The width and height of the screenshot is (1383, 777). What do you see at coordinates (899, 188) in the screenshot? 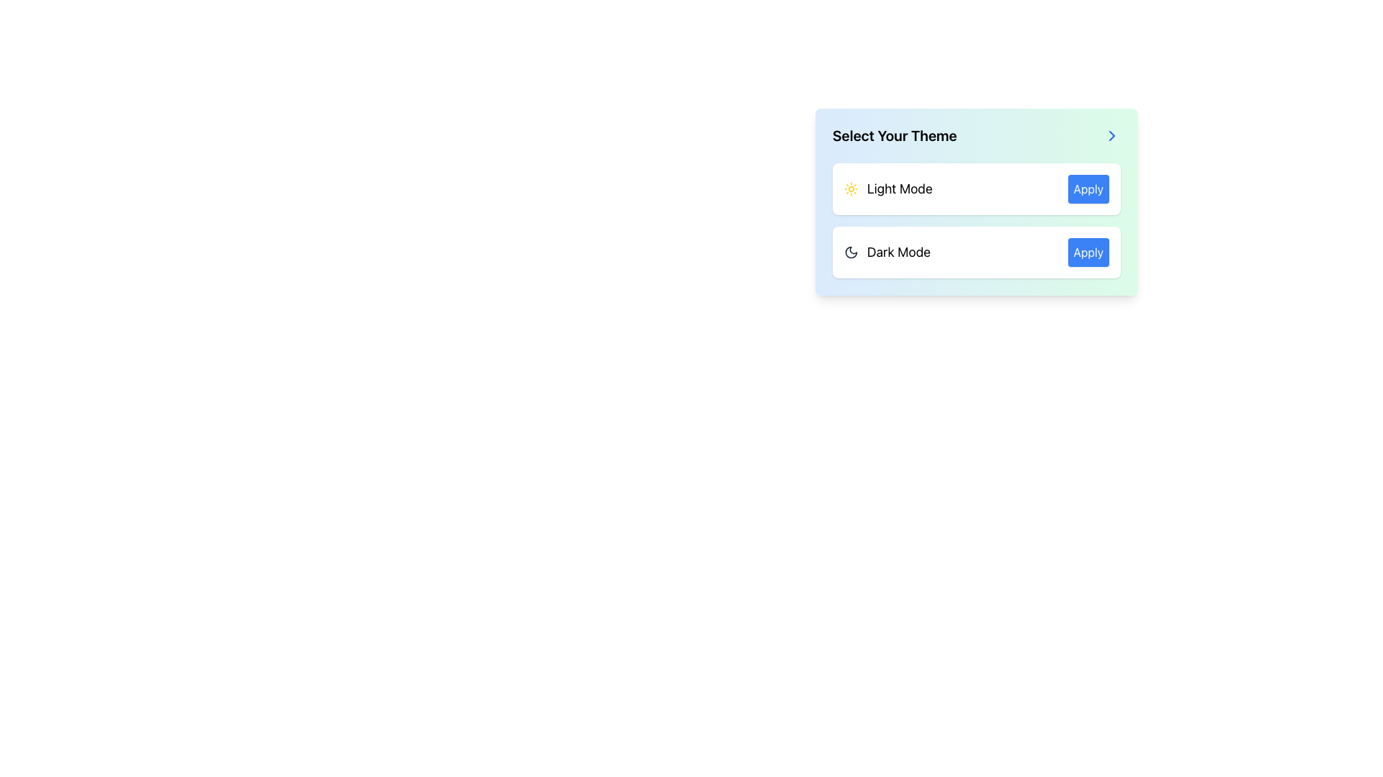
I see `the 'Light Mode' text label, which is located in the upper section of the 'Select Your Theme' panel, positioned to the right of the sun icon` at bounding box center [899, 188].